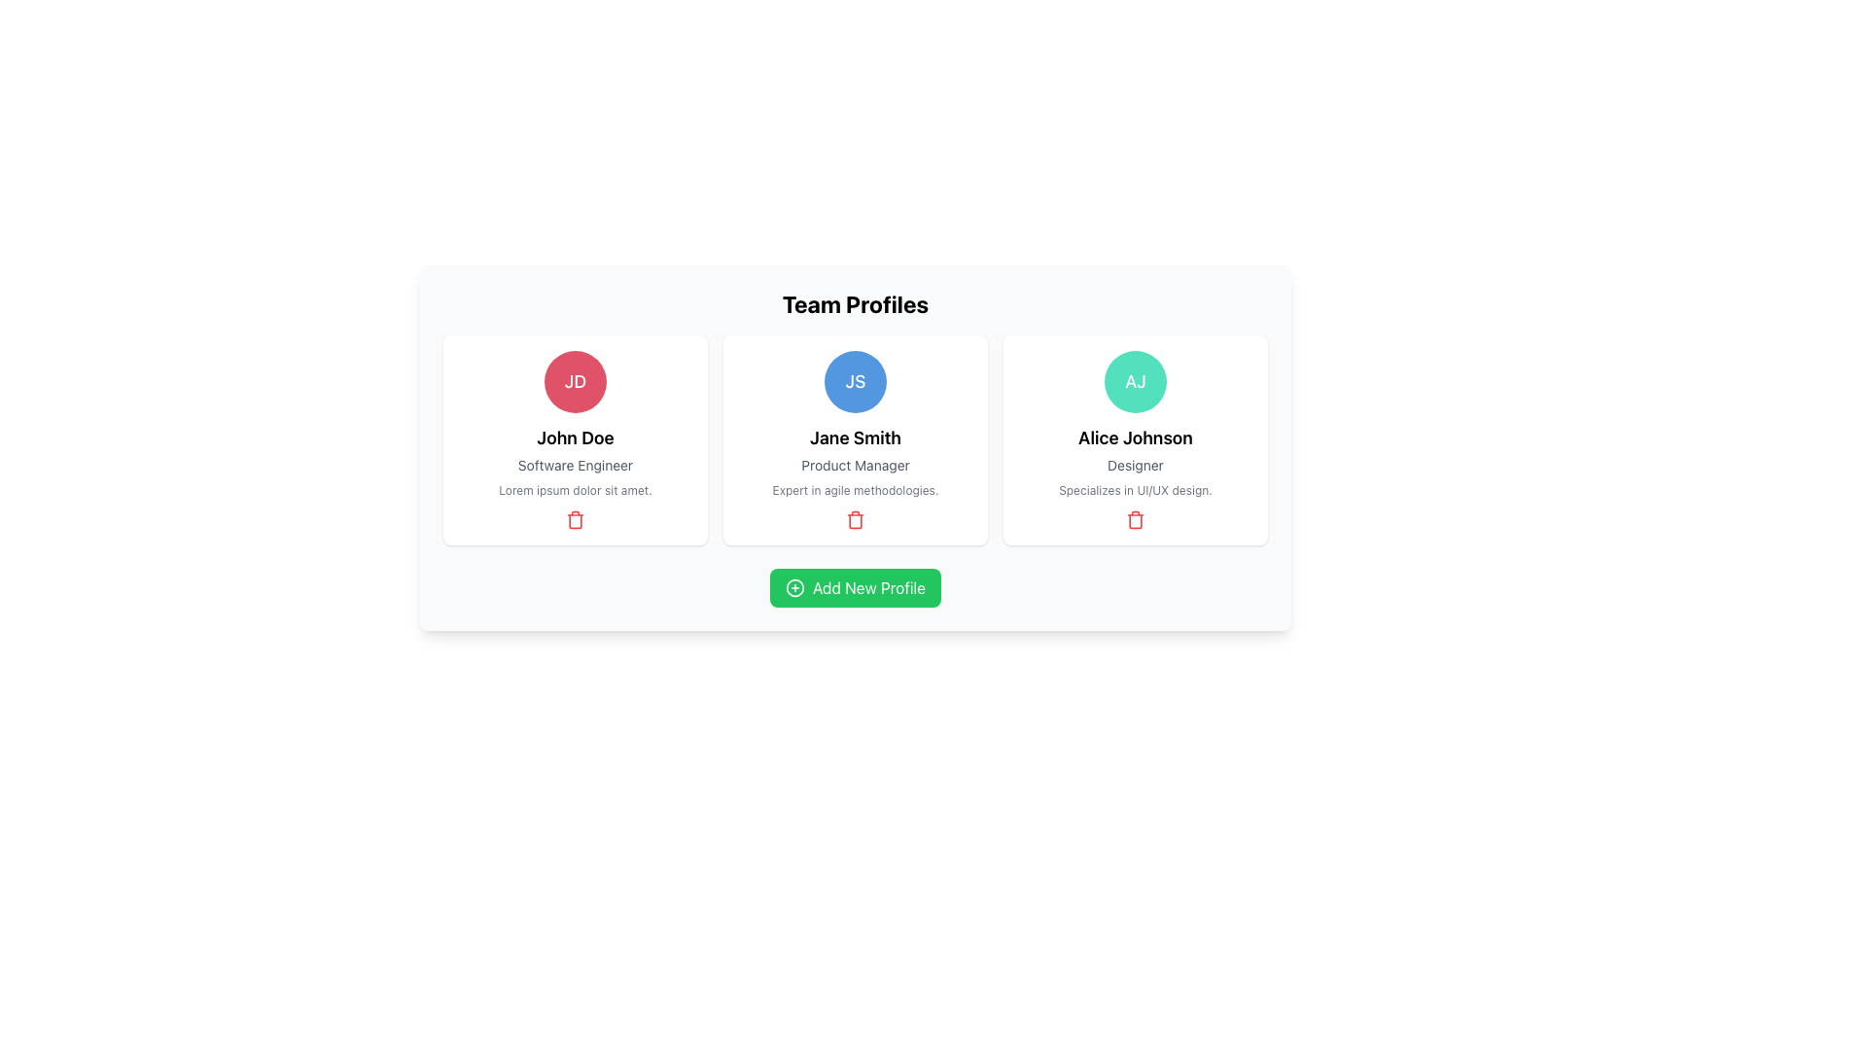 Image resolution: width=1867 pixels, height=1050 pixels. Describe the element at coordinates (794, 587) in the screenshot. I see `the small circular icon with a plus symbol inside, which is part of the 'Add New Profile' button located at the bottom center of the interface` at that location.